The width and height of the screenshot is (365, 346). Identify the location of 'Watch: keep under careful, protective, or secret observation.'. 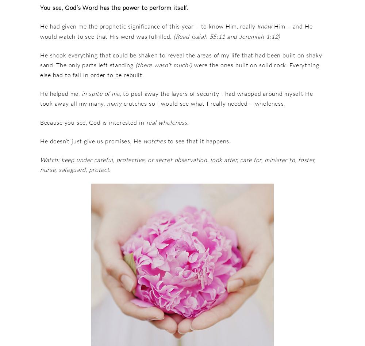
(125, 159).